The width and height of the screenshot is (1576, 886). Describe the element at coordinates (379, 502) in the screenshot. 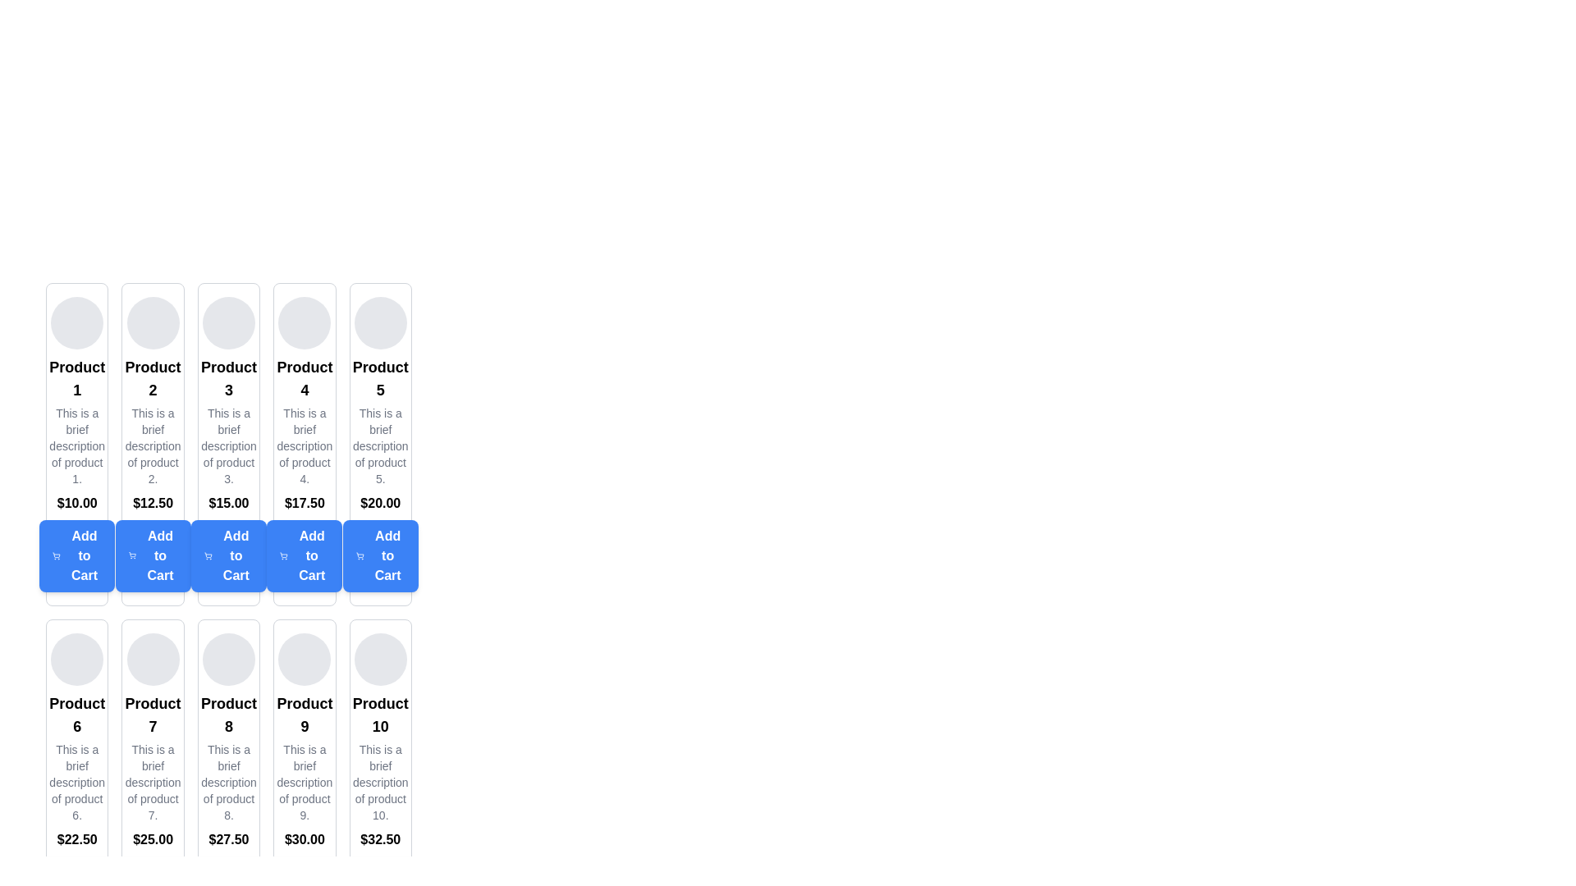

I see `the bold text label displaying the price '$20.00' located within the product card for 'Product 5', positioned just above the 'Add to Cart' button` at that location.